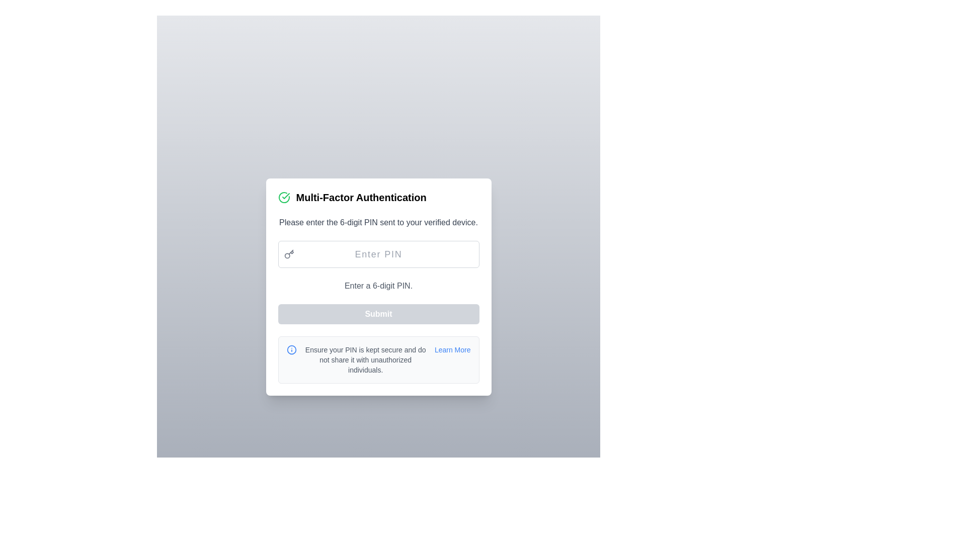 Image resolution: width=966 pixels, height=543 pixels. Describe the element at coordinates (283, 198) in the screenshot. I see `the green circular icon with a checkmark, which is positioned to the left of the text 'Multi-Factor Authentication' in the top section of a centered modal box` at that location.